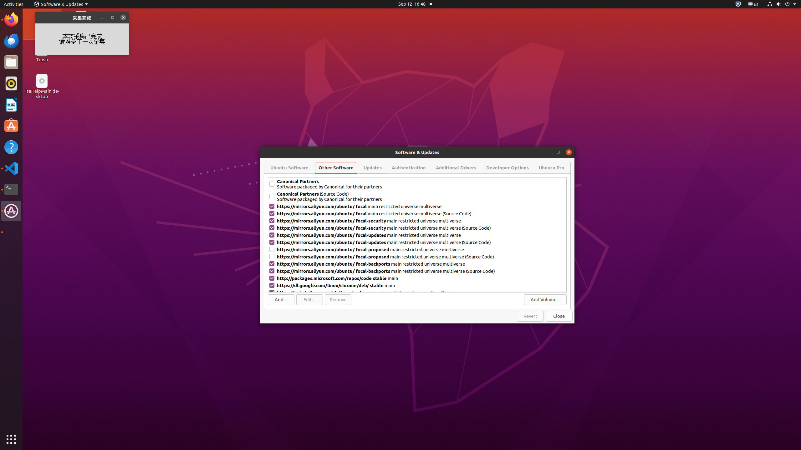 This screenshot has width=801, height=450. I want to click on 'Additional Drivers', so click(456, 167).